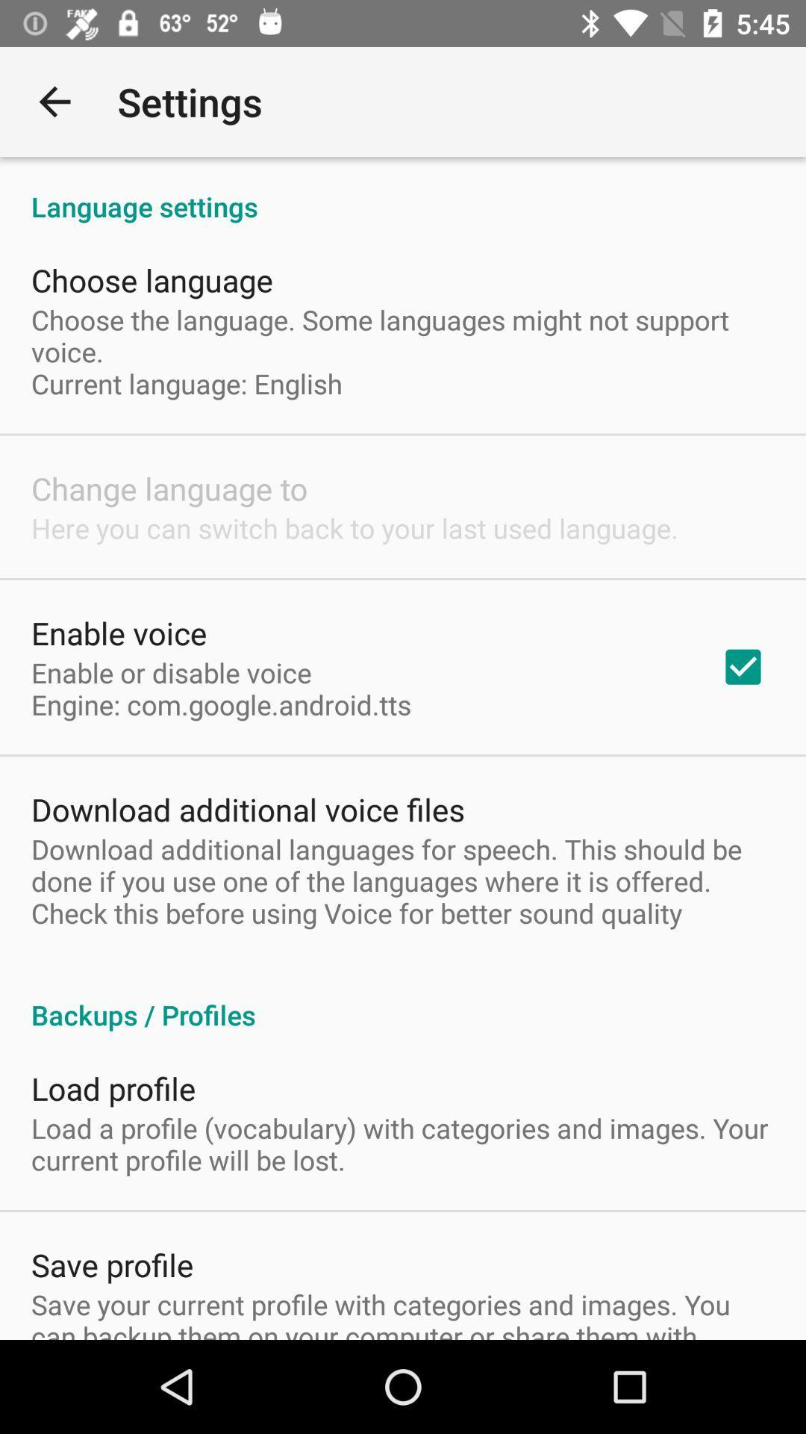 The height and width of the screenshot is (1434, 806). What do you see at coordinates (221, 688) in the screenshot?
I see `item above download additional voice icon` at bounding box center [221, 688].